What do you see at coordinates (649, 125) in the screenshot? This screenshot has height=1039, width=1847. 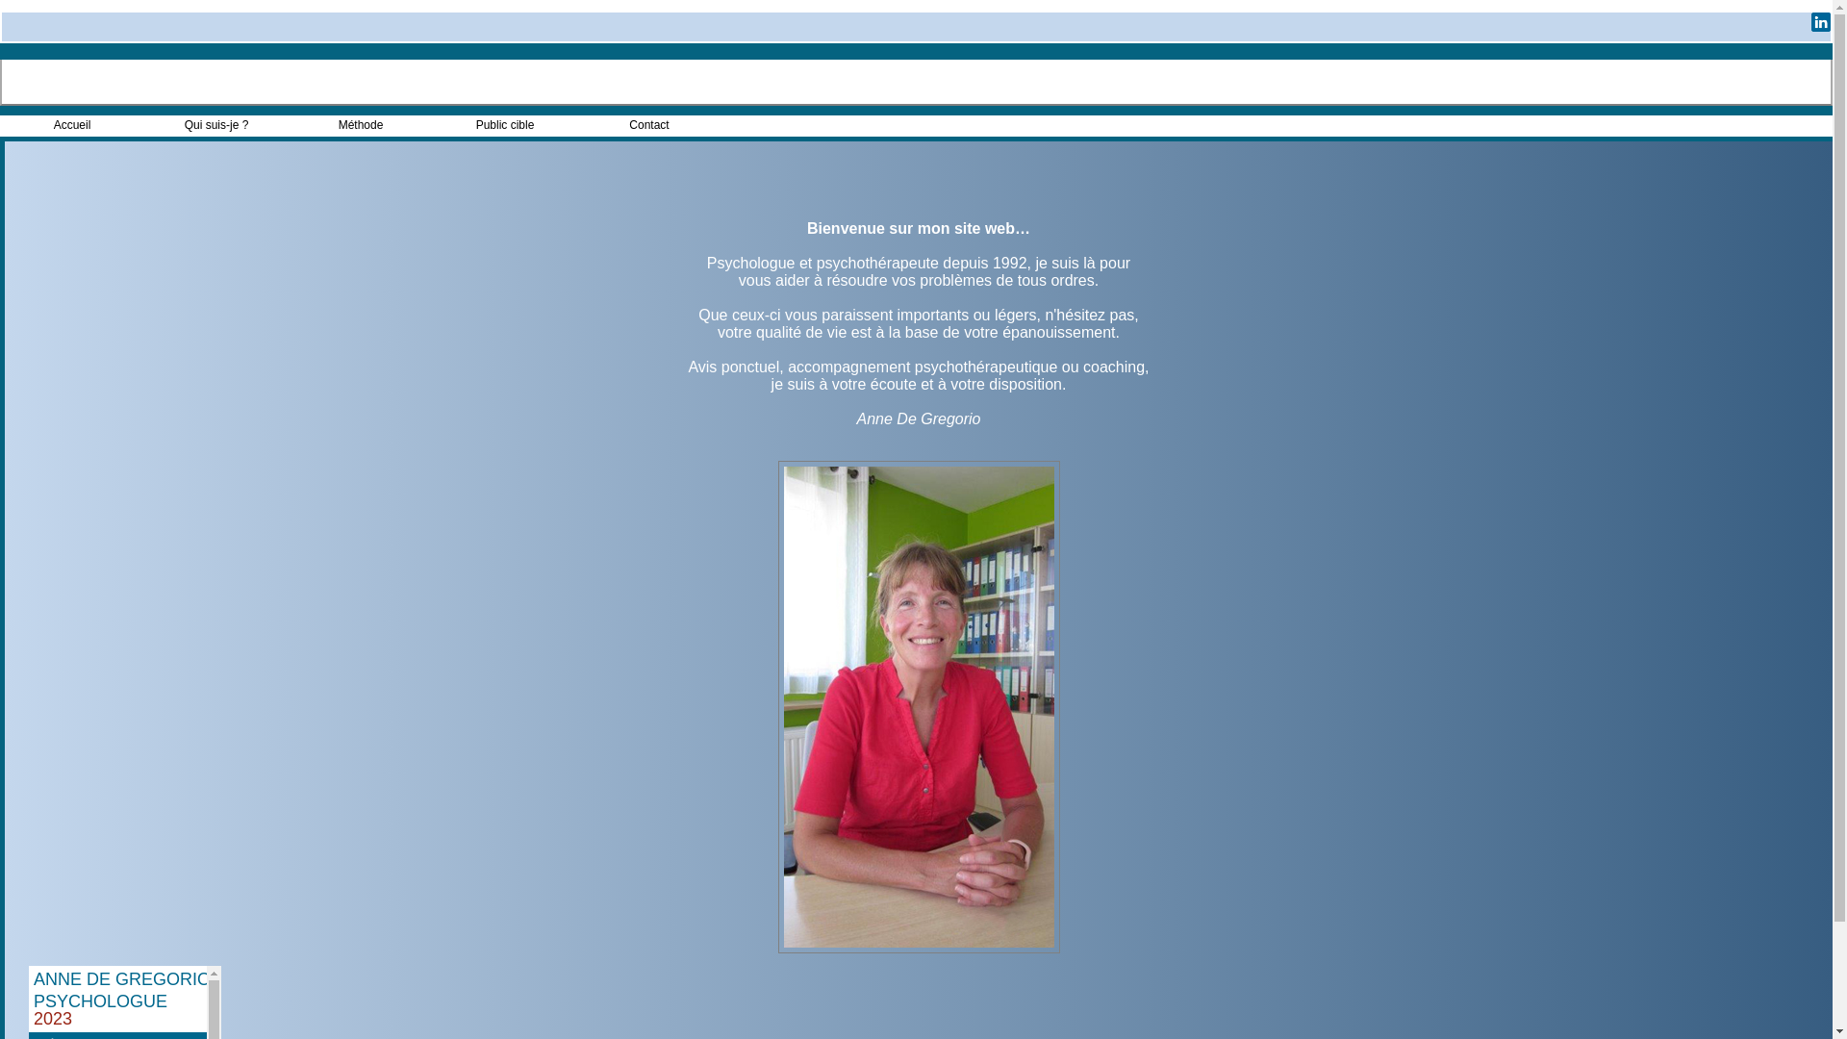 I see `'Contact'` at bounding box center [649, 125].